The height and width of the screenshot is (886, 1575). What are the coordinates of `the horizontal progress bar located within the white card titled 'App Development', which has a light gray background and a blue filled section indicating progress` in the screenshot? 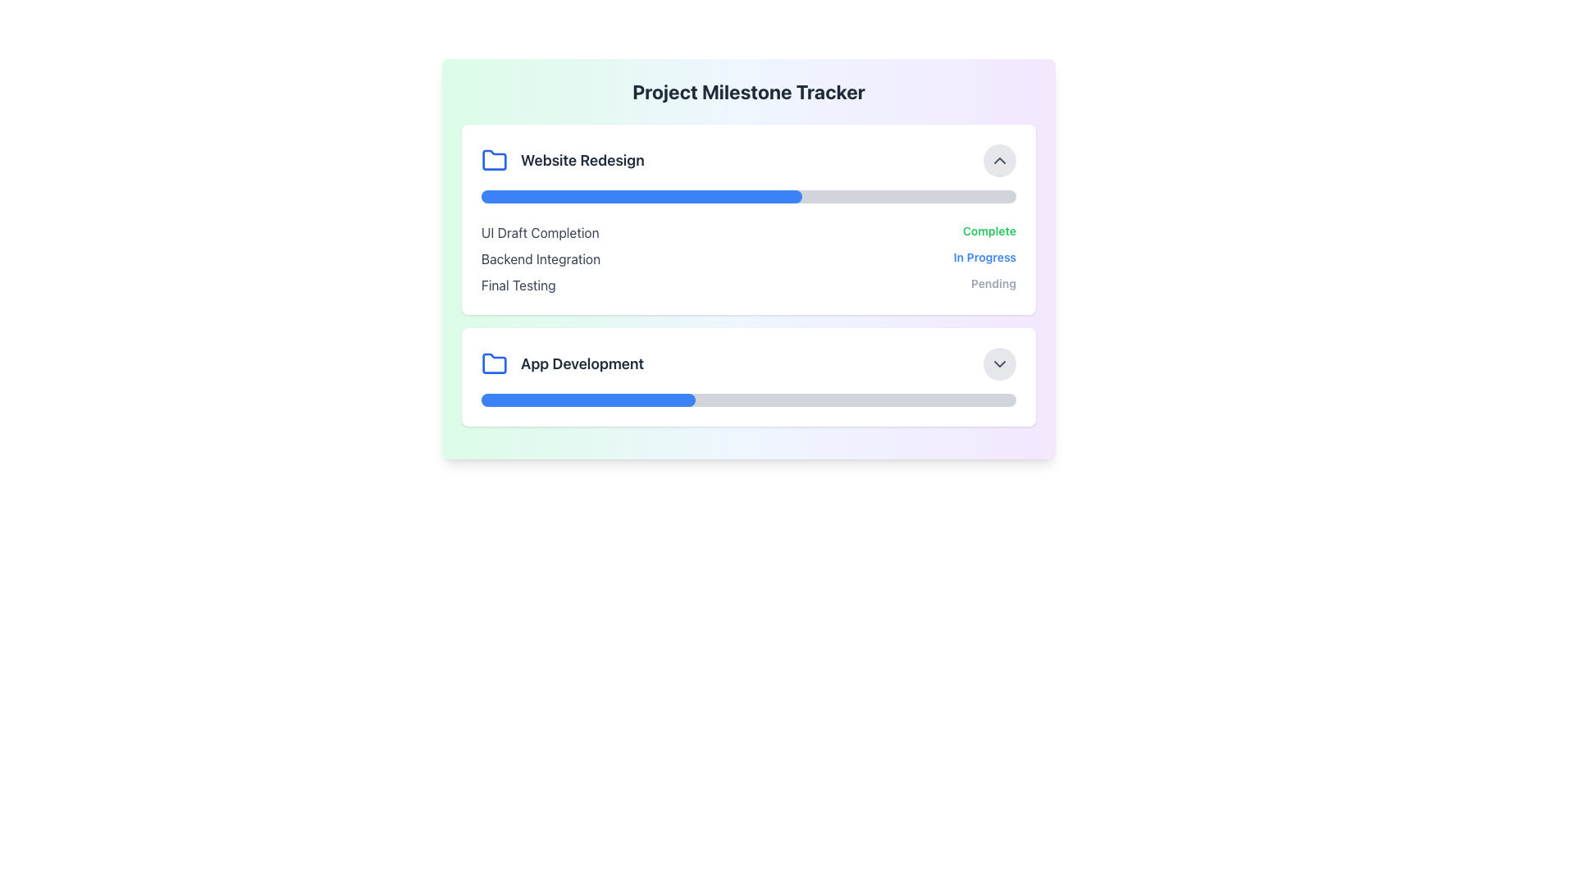 It's located at (747, 400).